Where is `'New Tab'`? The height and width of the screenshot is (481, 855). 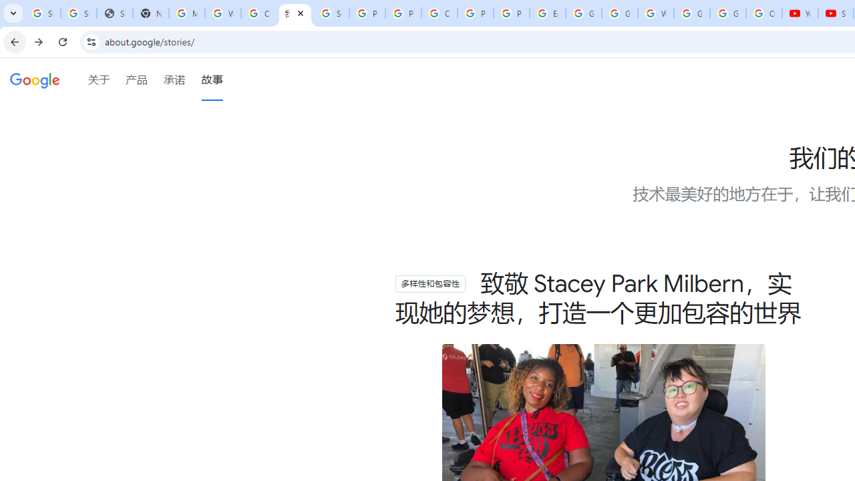
'New Tab' is located at coordinates (150, 13).